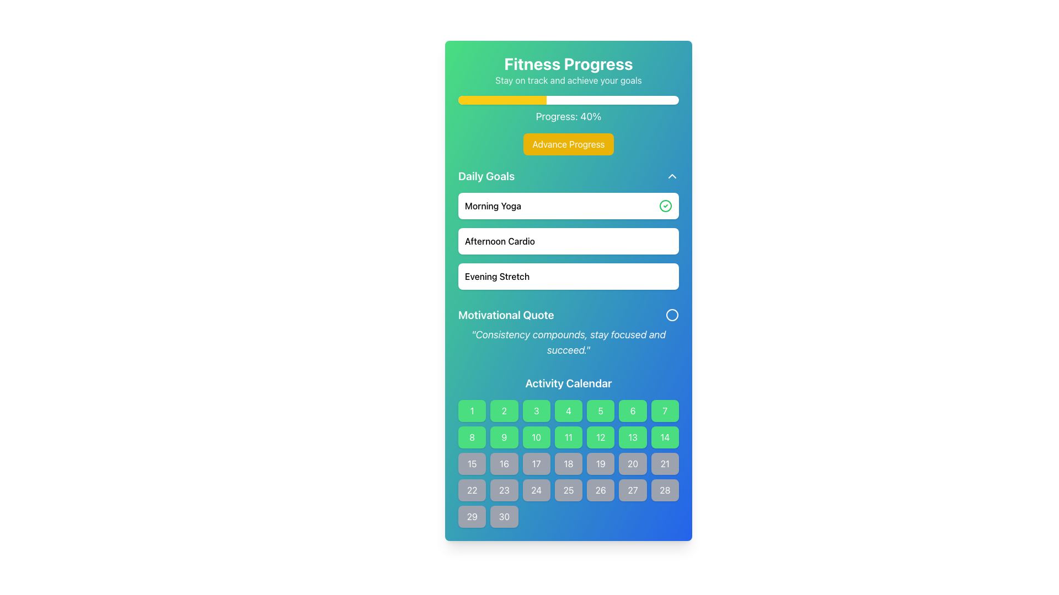 This screenshot has width=1059, height=595. What do you see at coordinates (569, 100) in the screenshot?
I see `the visual representation of the fitness progress indicated by the progress bar located between 'Fitness Progress' and 'Progress: 40%'` at bounding box center [569, 100].